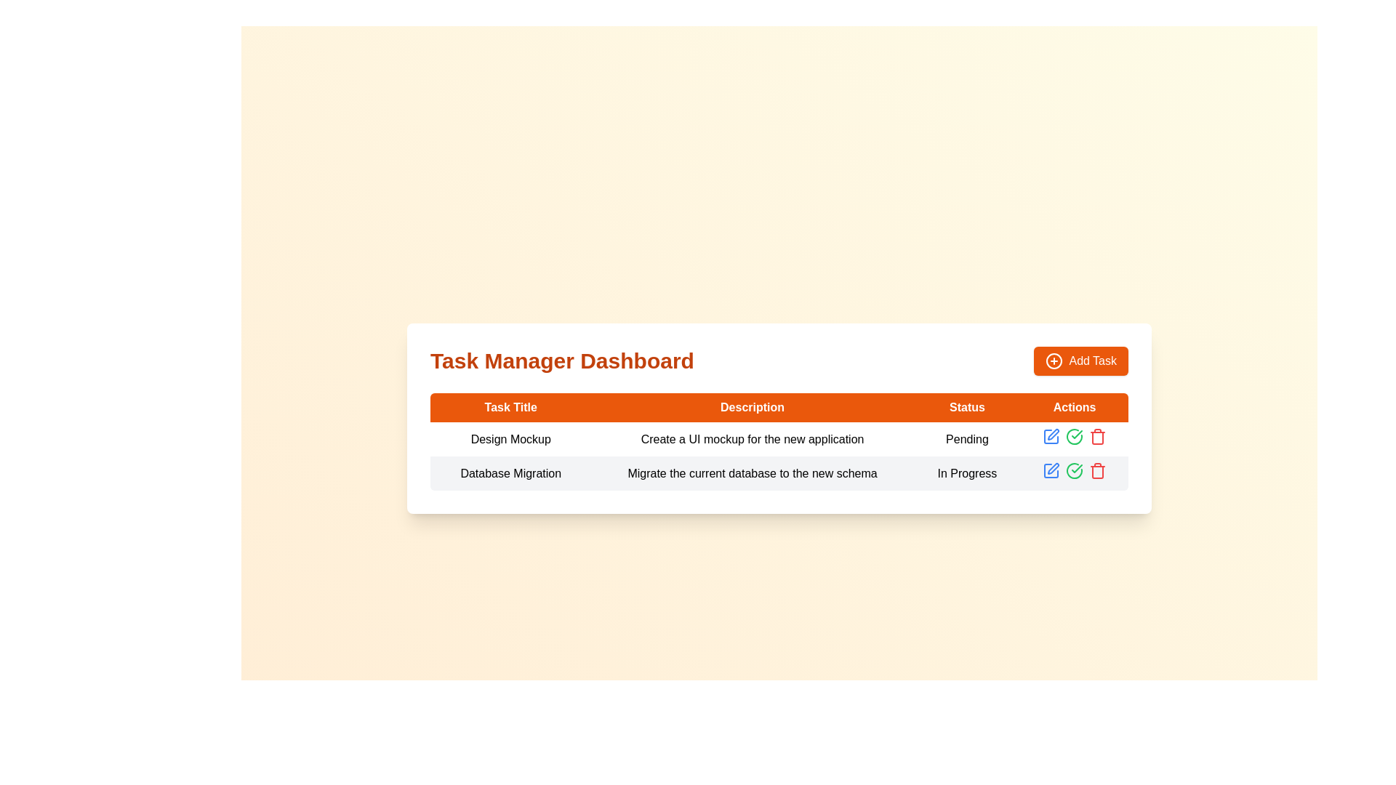 The width and height of the screenshot is (1396, 785). What do you see at coordinates (1075, 436) in the screenshot?
I see `the green circular icon with a checkmark in the 'Actions' column of the second row in the task table` at bounding box center [1075, 436].